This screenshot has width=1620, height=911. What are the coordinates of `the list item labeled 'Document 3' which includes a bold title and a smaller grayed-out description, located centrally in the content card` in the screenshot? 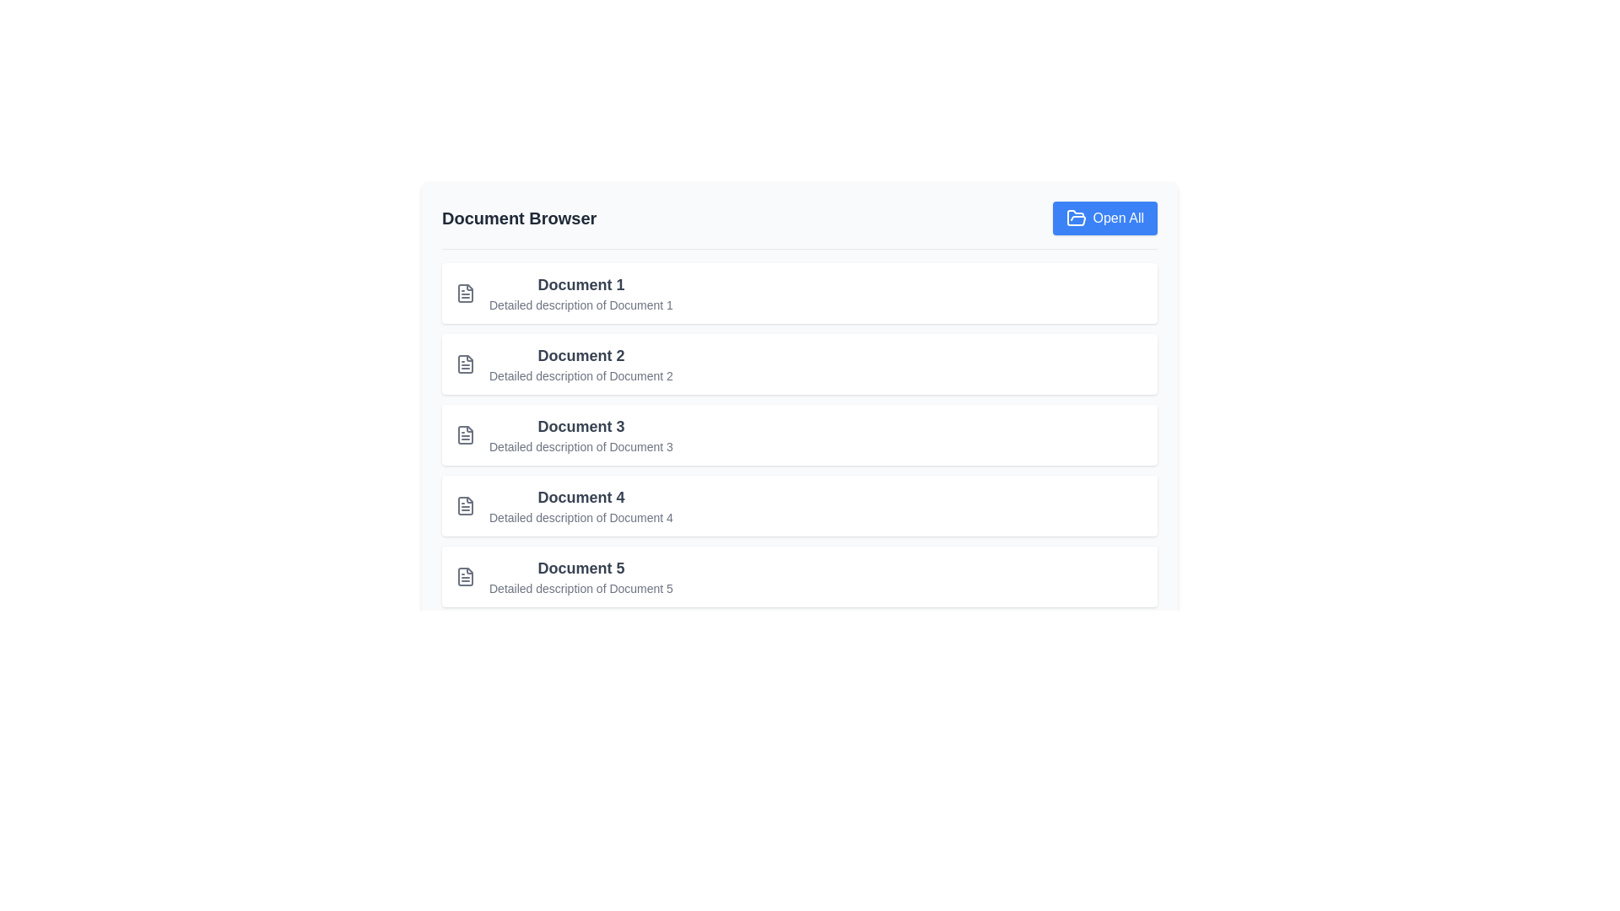 It's located at (799, 434).